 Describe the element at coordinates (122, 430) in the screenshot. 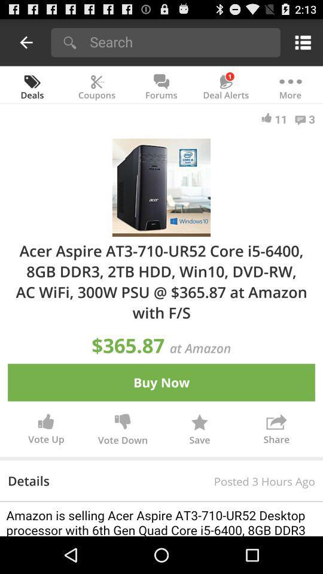

I see `the button below buy now button` at that location.